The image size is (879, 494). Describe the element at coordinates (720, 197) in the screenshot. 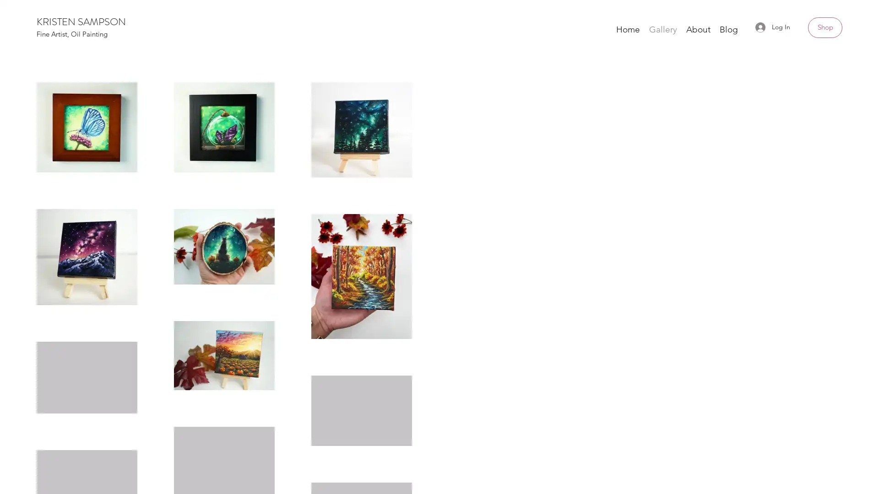

I see `Night Sky 4x4in - 2020 (Sold)` at that location.